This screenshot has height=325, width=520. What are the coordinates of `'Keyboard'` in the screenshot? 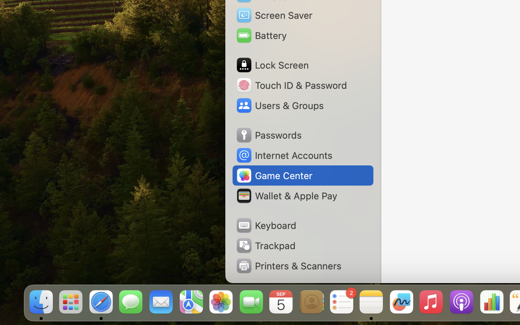 It's located at (265, 225).